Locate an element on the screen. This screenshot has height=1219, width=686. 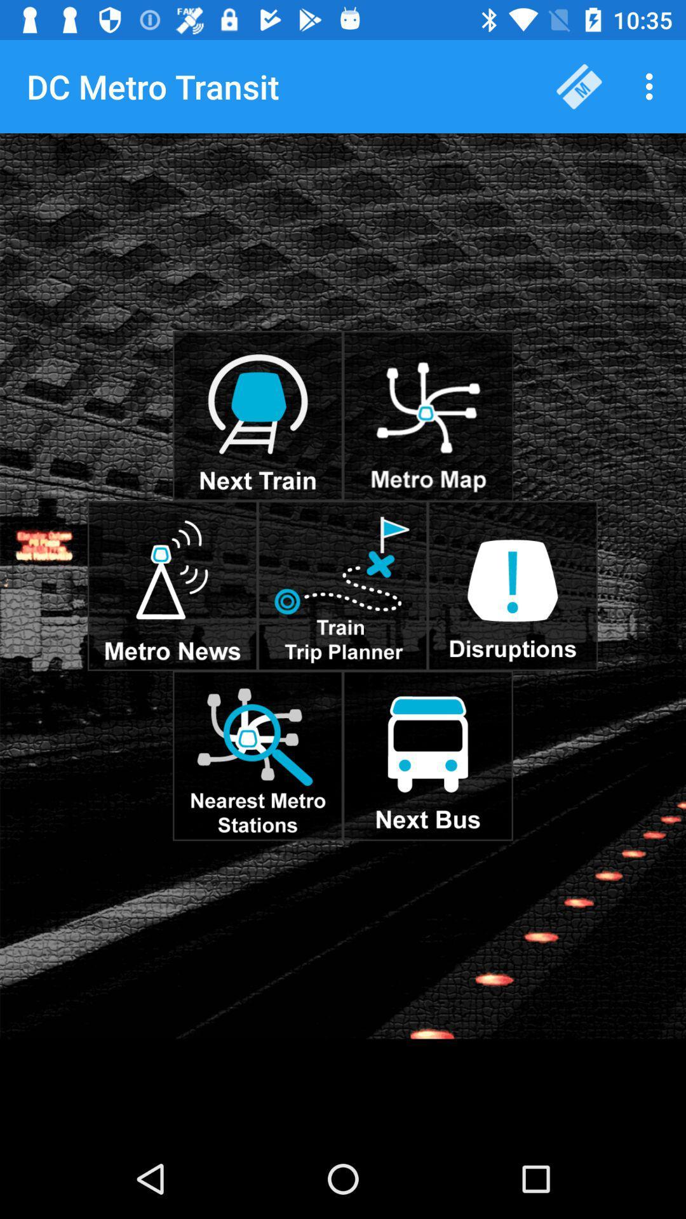
metro news option is located at coordinates (172, 585).